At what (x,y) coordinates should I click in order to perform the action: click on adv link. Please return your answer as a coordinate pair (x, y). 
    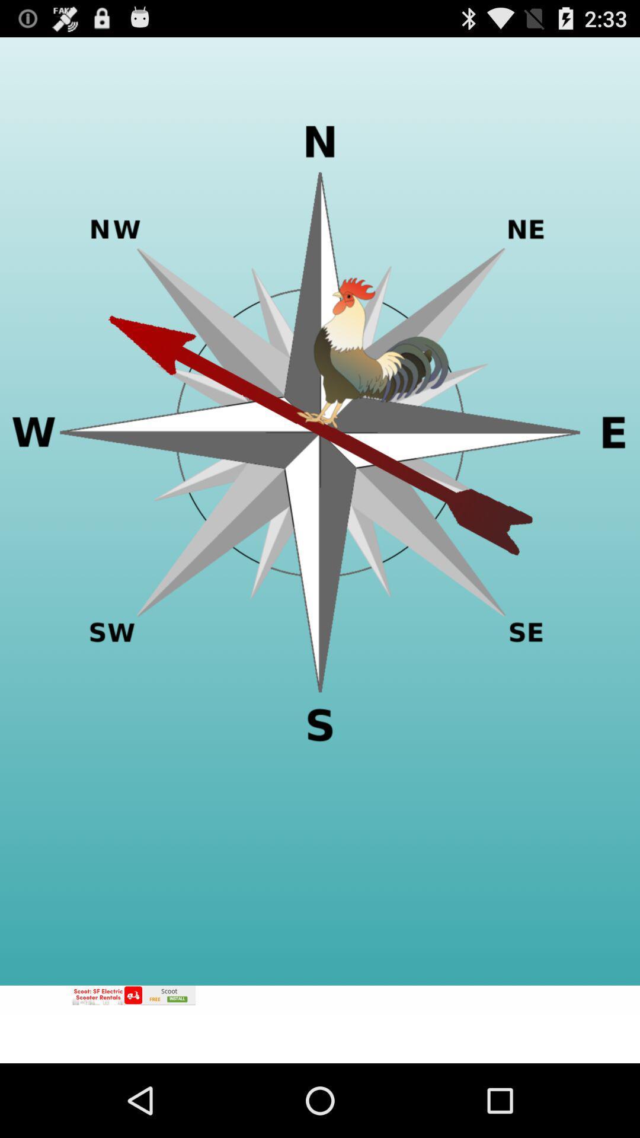
    Looking at the image, I should click on (320, 1024).